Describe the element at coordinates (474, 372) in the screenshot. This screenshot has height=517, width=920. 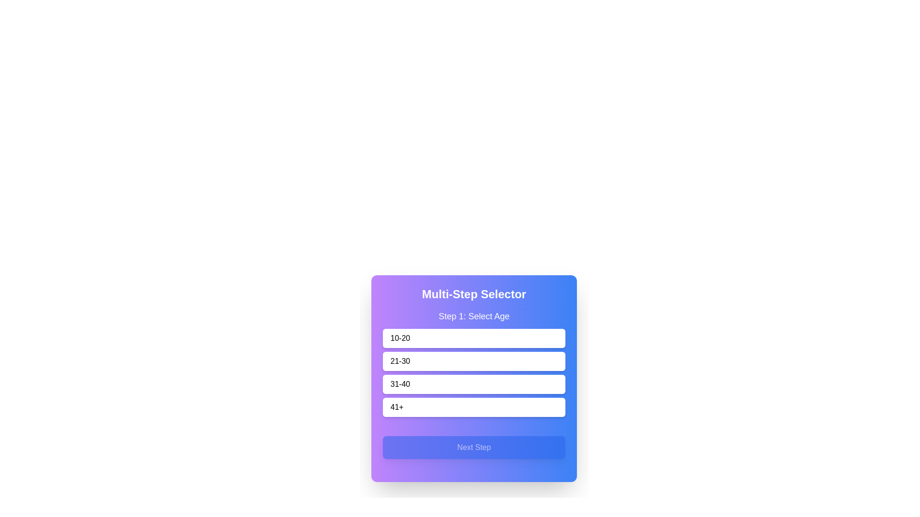
I see `the third selection item for age range 31 to 40 under the heading 'Step 1: Select Age'` at that location.